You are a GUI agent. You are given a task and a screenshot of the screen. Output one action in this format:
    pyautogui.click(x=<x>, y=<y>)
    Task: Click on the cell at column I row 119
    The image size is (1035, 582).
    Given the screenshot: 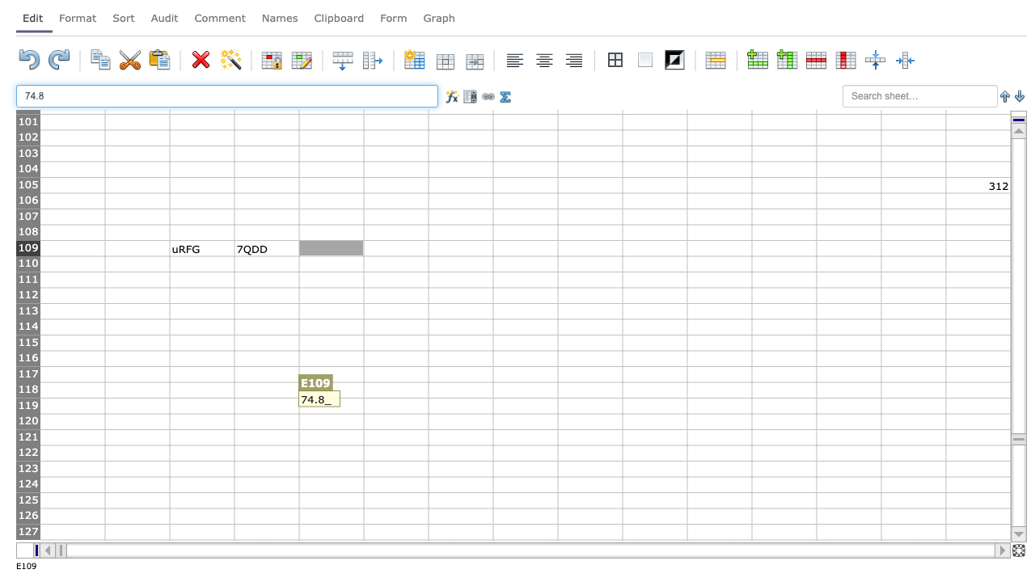 What is the action you would take?
    pyautogui.click(x=589, y=405)
    